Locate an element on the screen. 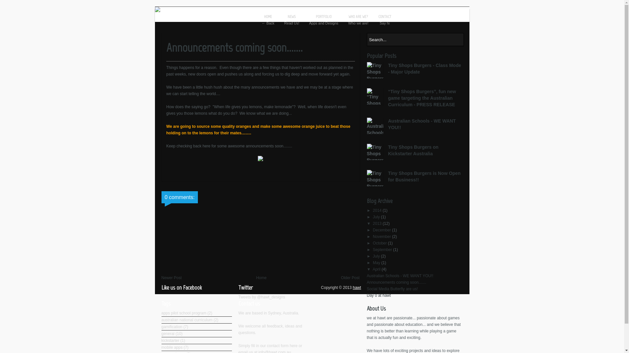 The width and height of the screenshot is (629, 353). 'Search...' is located at coordinates (409, 39).